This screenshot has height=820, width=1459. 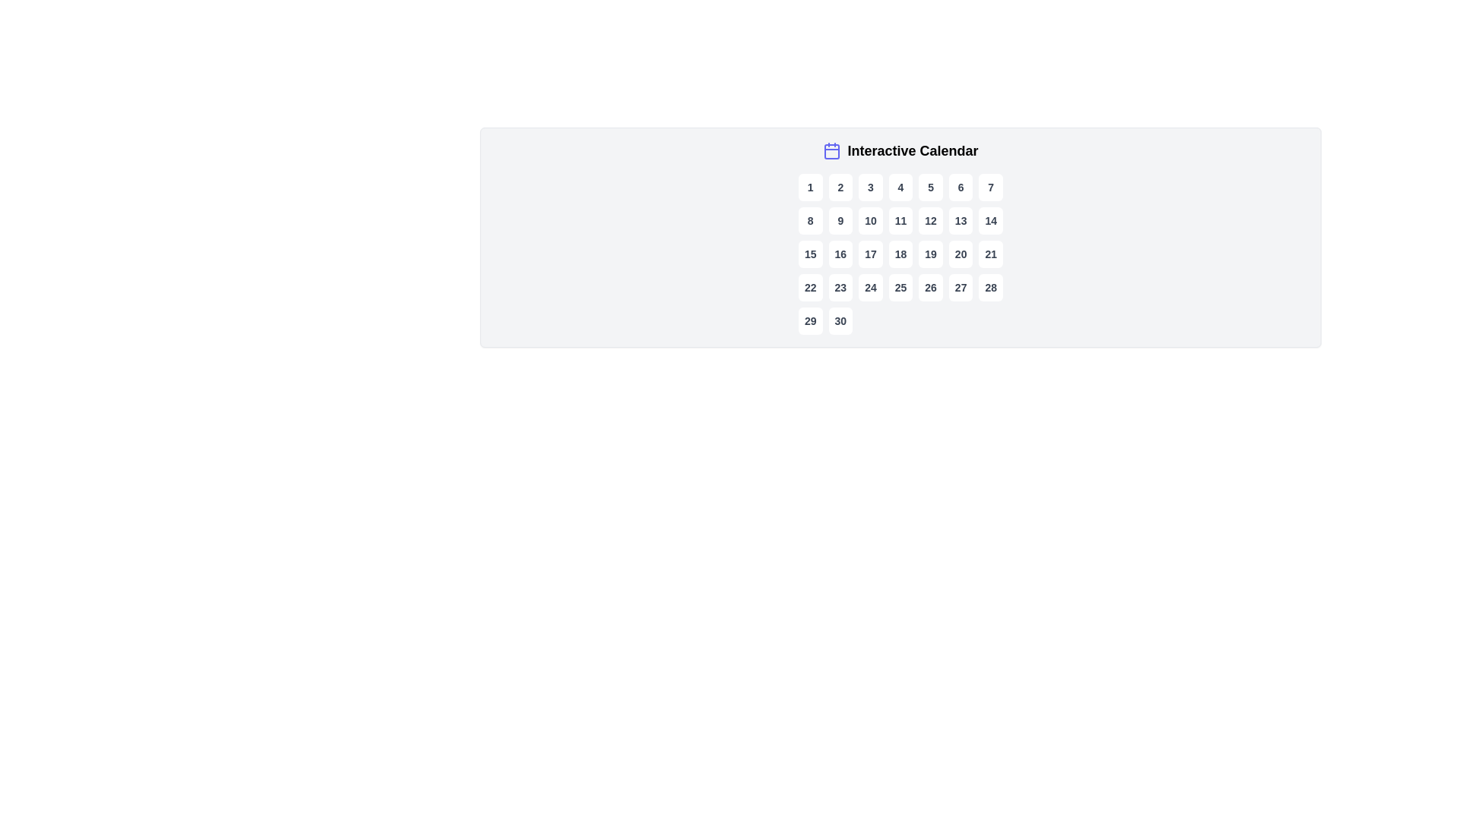 What do you see at coordinates (870, 220) in the screenshot?
I see `the calendar day selector button for the 10th day, located in the second row and third position of the grid layout, adjacent to buttons labeled '9' and '11'` at bounding box center [870, 220].